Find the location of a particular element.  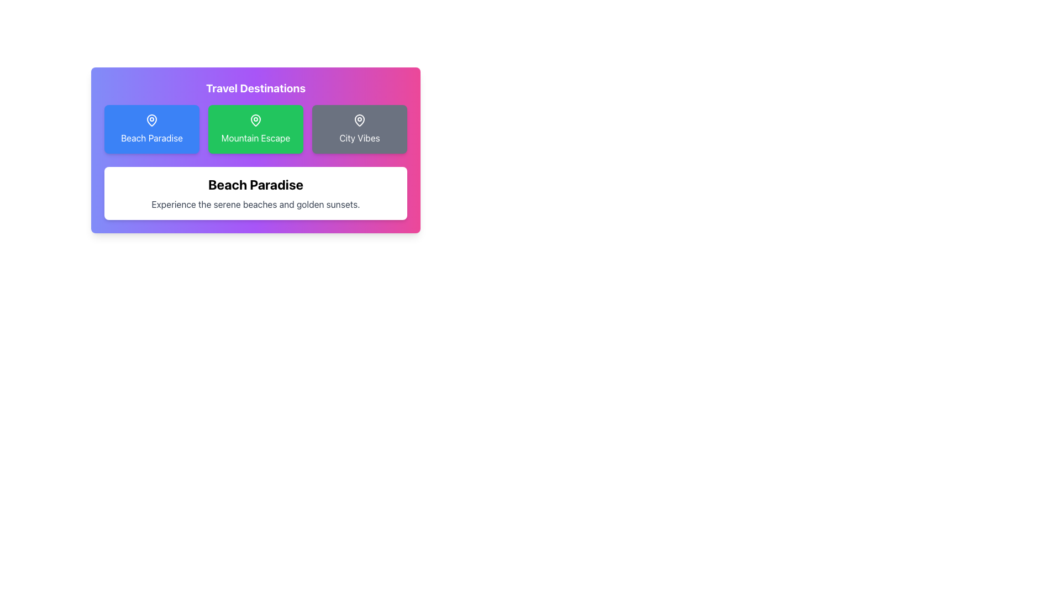

the map pin icon, which is outlined with a thin stroke, has rounded edges, and is centered within the green button labeled 'Mountain Escape' is located at coordinates (255, 121).